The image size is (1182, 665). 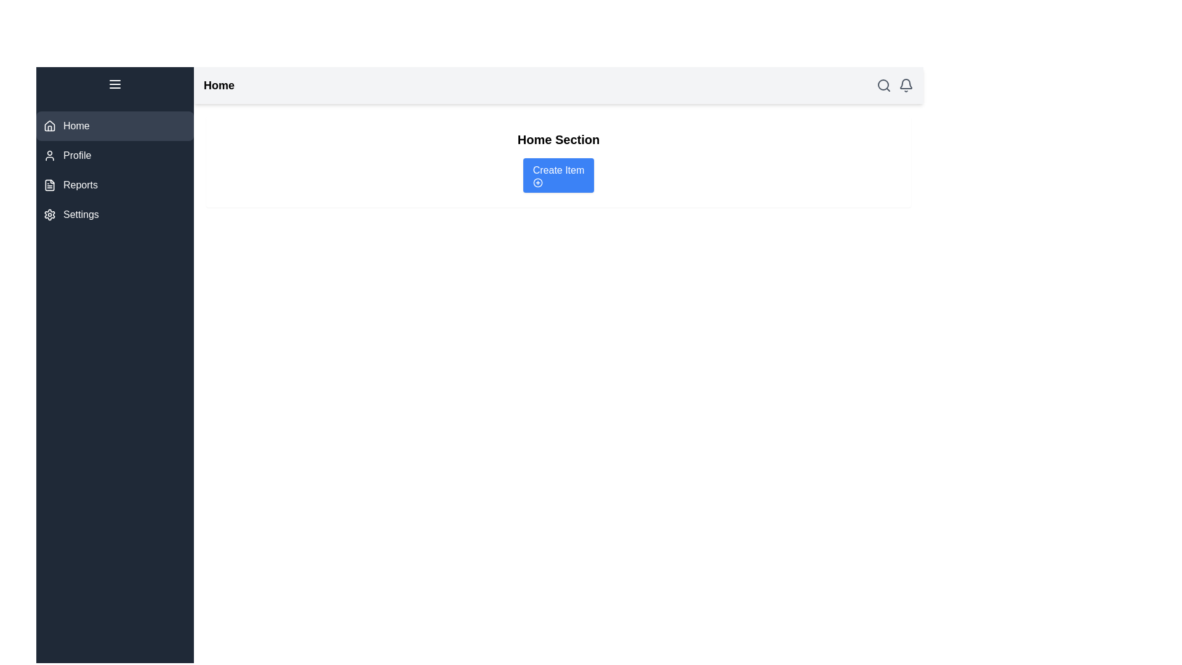 I want to click on the 'Reports' menu item in the sidebar, so click(x=115, y=171).